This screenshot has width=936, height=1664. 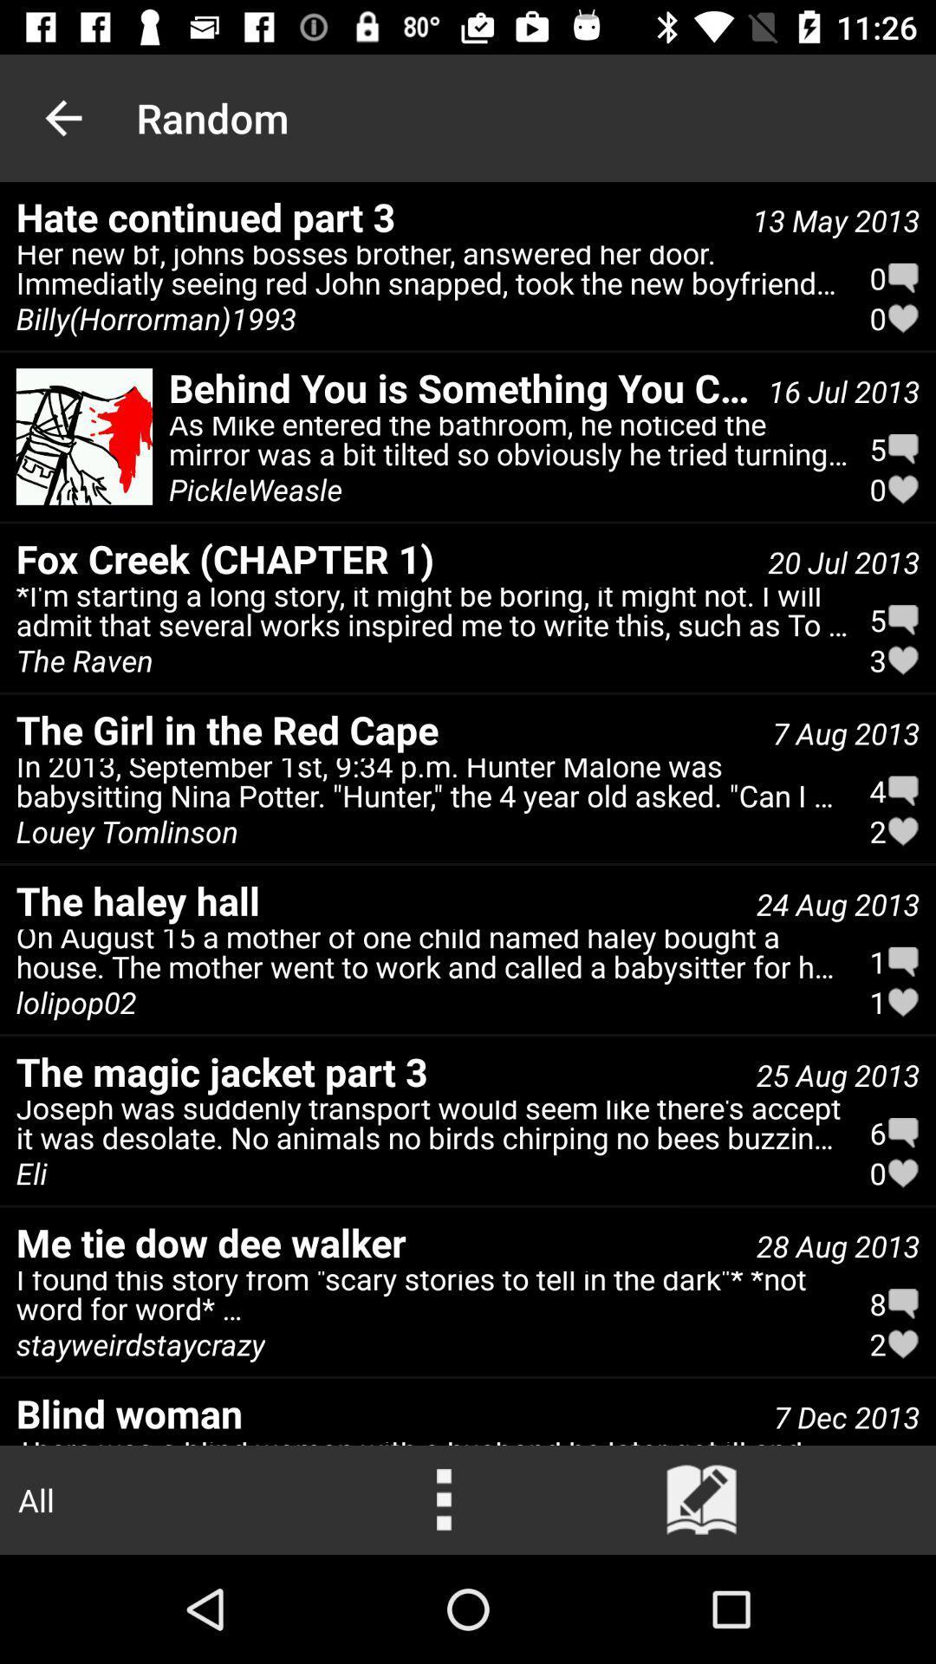 I want to click on the item to the left of the 6 icon, so click(x=432, y=1129).